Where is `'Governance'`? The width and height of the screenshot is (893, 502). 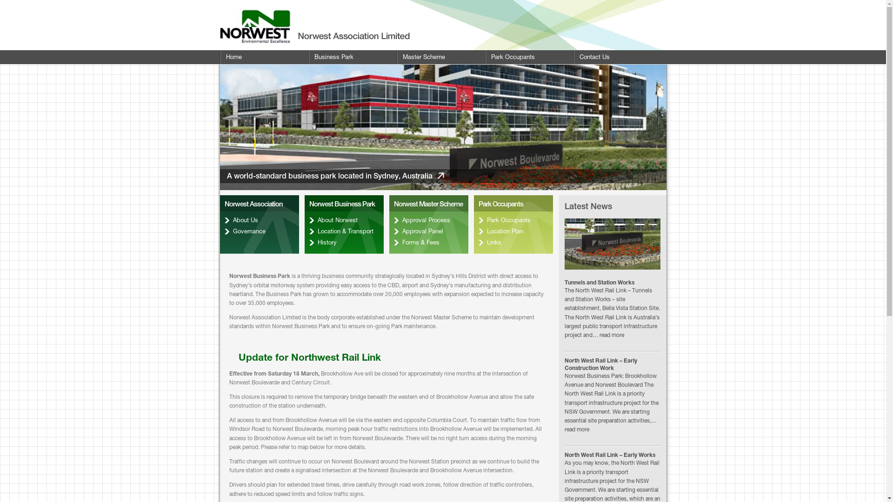
'Governance' is located at coordinates (259, 231).